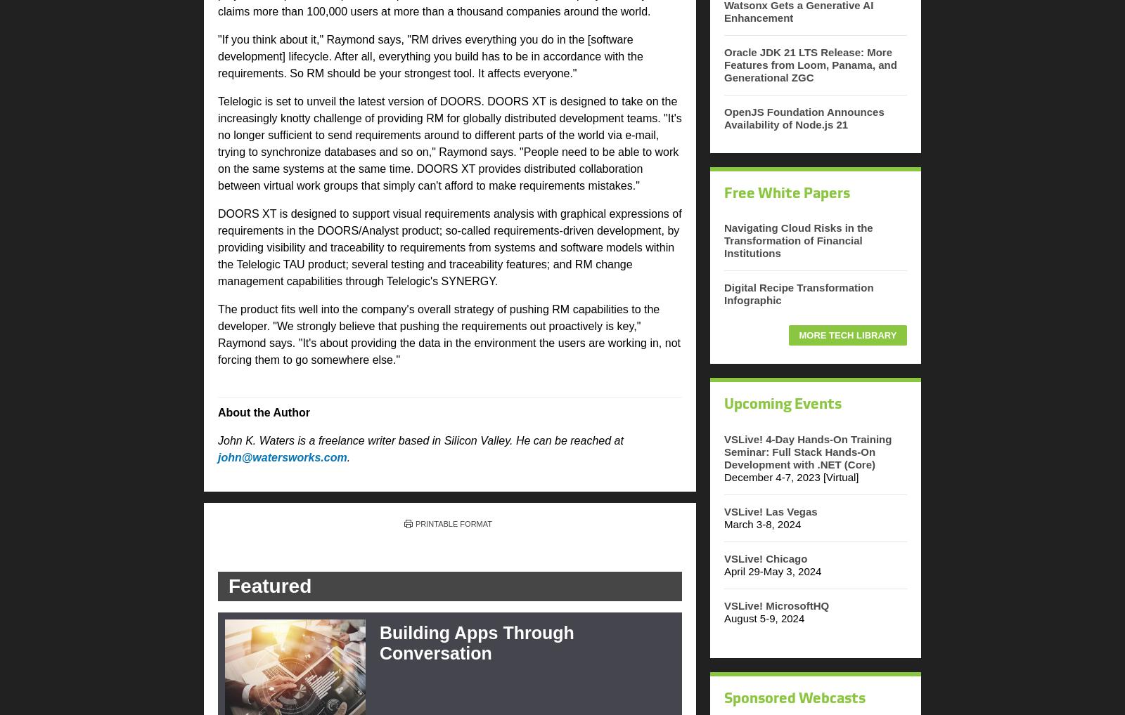 The height and width of the screenshot is (715, 1125). Describe the element at coordinates (783, 405) in the screenshot. I see `'Upcoming Events'` at that location.